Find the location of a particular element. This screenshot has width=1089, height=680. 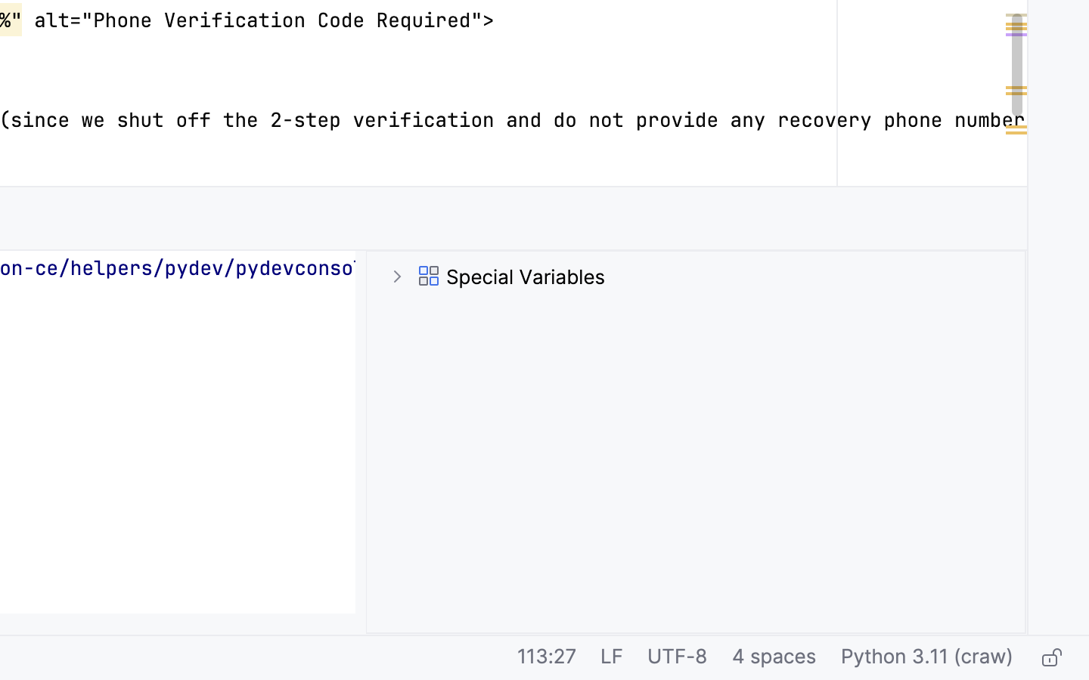

'UTF-8' is located at coordinates (676, 658).